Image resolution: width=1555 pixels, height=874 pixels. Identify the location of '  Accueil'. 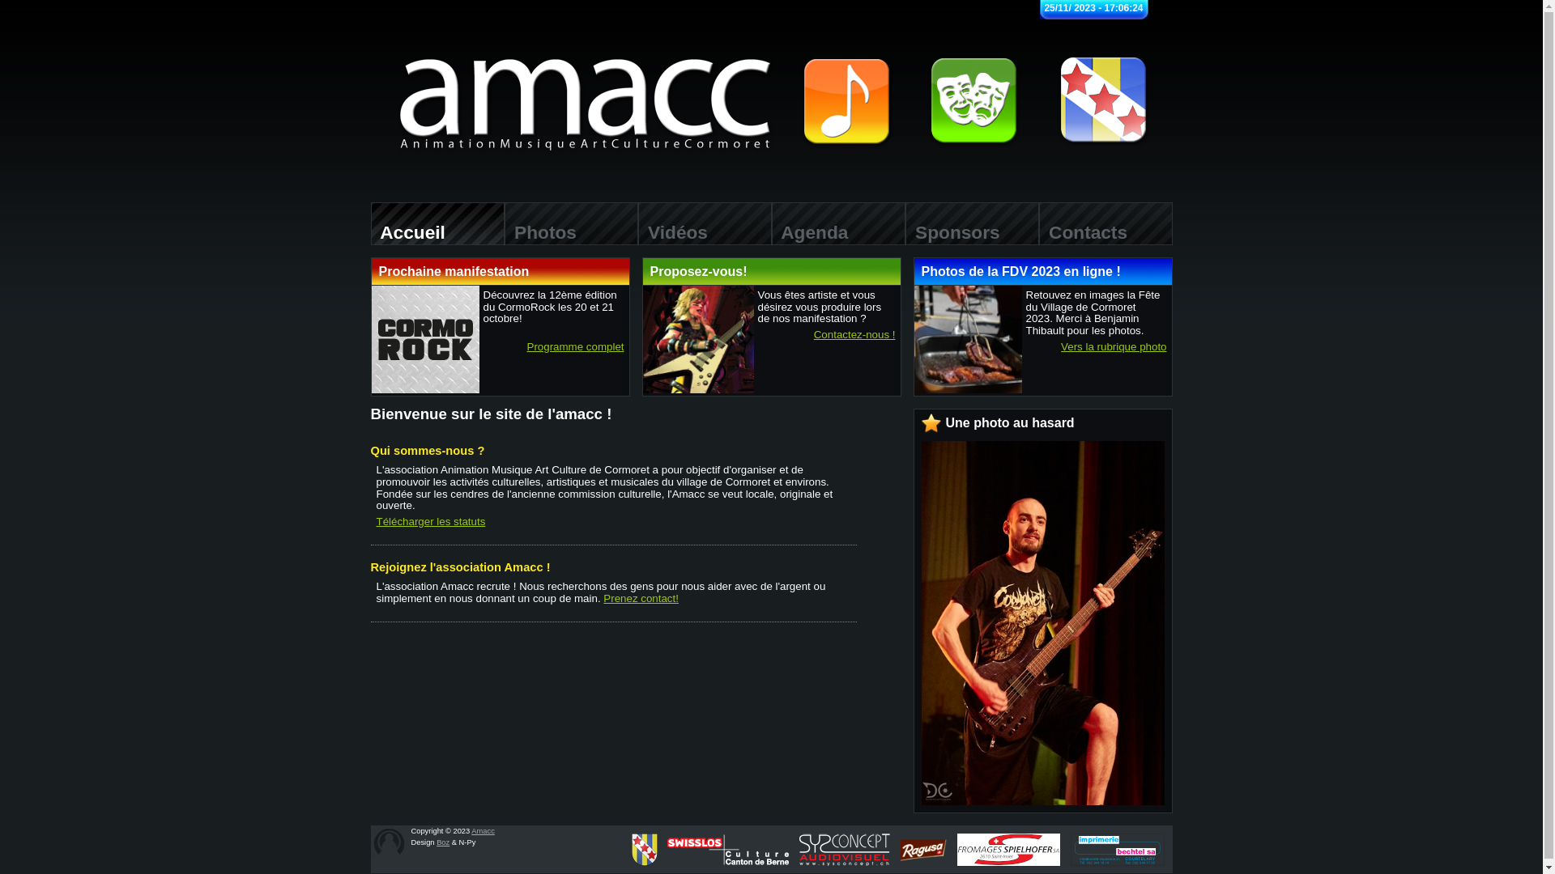
(437, 223).